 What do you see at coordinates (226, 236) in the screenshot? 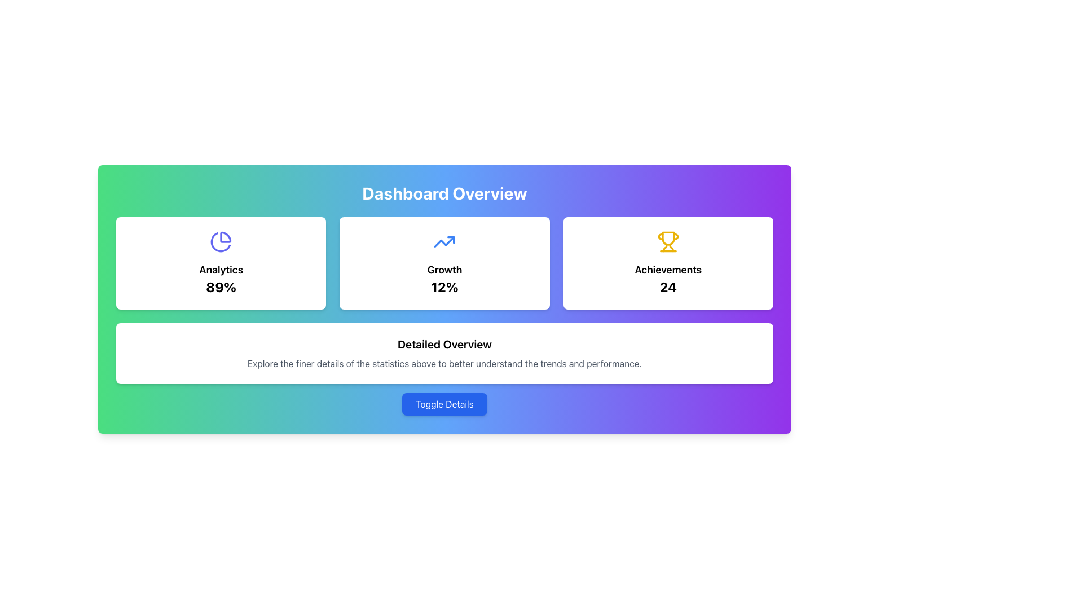
I see `the inner right quarter segment of the pie chart icon in the 'Analytics' card, which is represented by an indigo filled stroke style` at bounding box center [226, 236].